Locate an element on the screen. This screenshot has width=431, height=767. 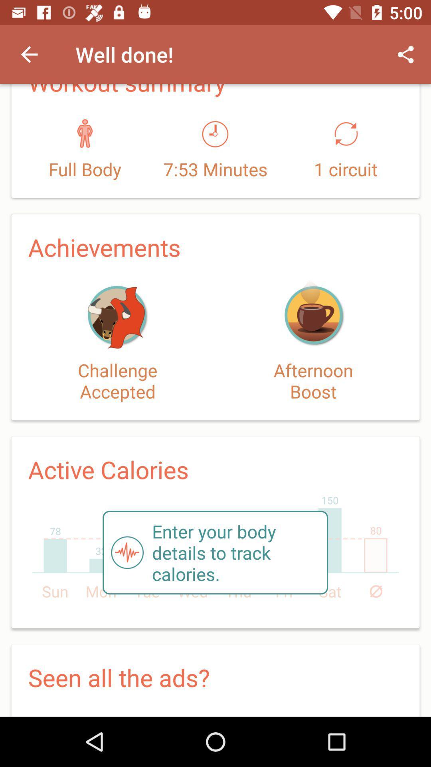
item above the workout summary item is located at coordinates (29, 54).